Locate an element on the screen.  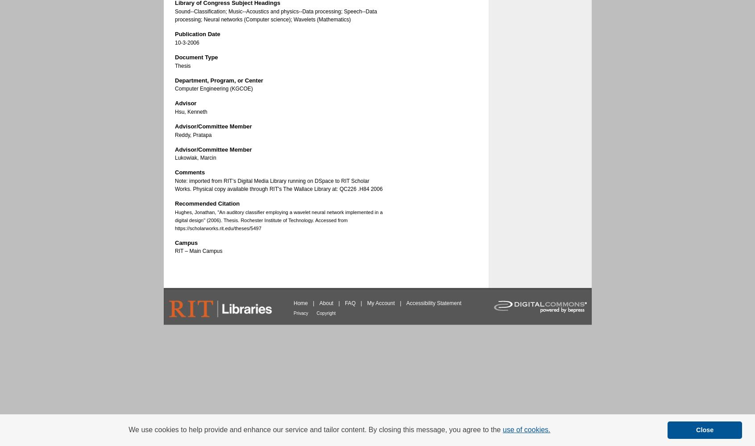
'Accessibility Statement' is located at coordinates (433, 303).